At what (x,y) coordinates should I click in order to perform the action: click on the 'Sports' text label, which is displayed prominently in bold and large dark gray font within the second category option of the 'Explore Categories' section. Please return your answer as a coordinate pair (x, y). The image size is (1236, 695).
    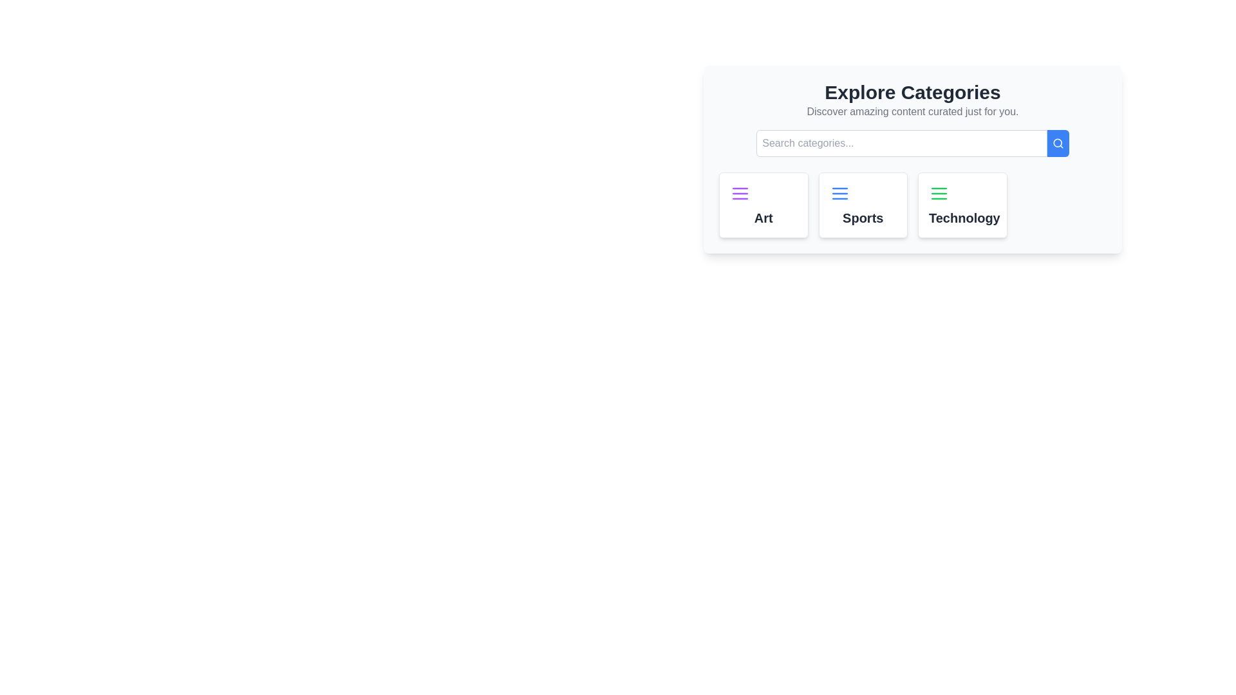
    Looking at the image, I should click on (863, 218).